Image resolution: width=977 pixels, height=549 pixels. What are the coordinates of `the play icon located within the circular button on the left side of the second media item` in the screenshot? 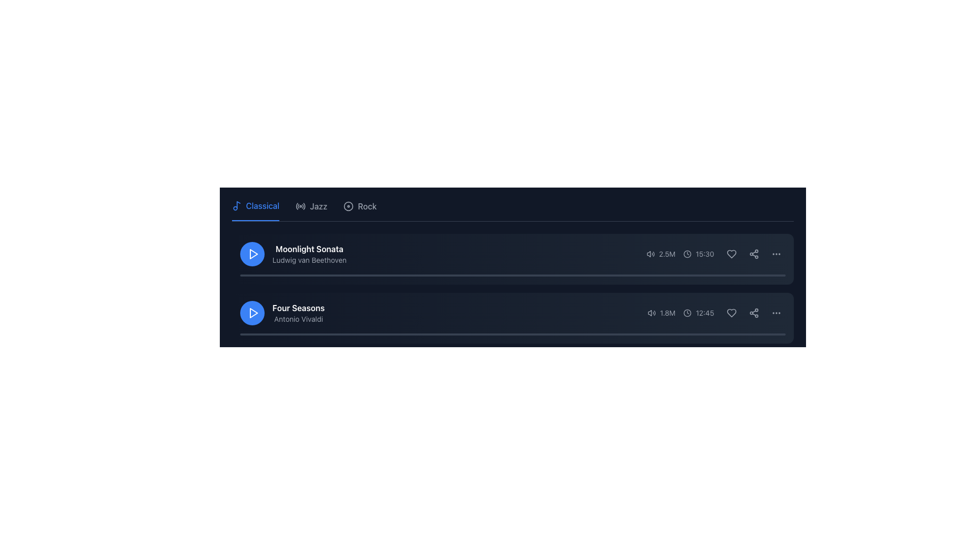 It's located at (253, 254).